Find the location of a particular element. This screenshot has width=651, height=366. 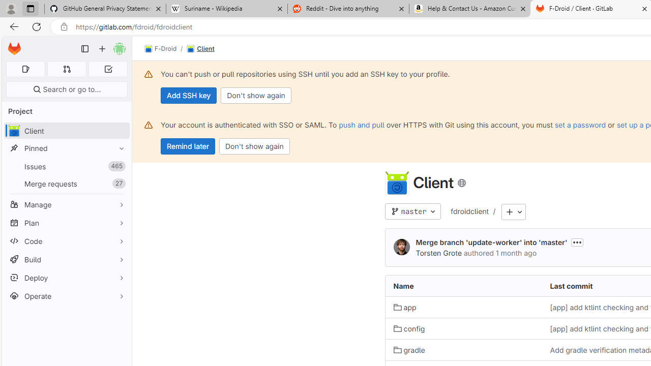

'Merge requests 0' is located at coordinates (66, 69).